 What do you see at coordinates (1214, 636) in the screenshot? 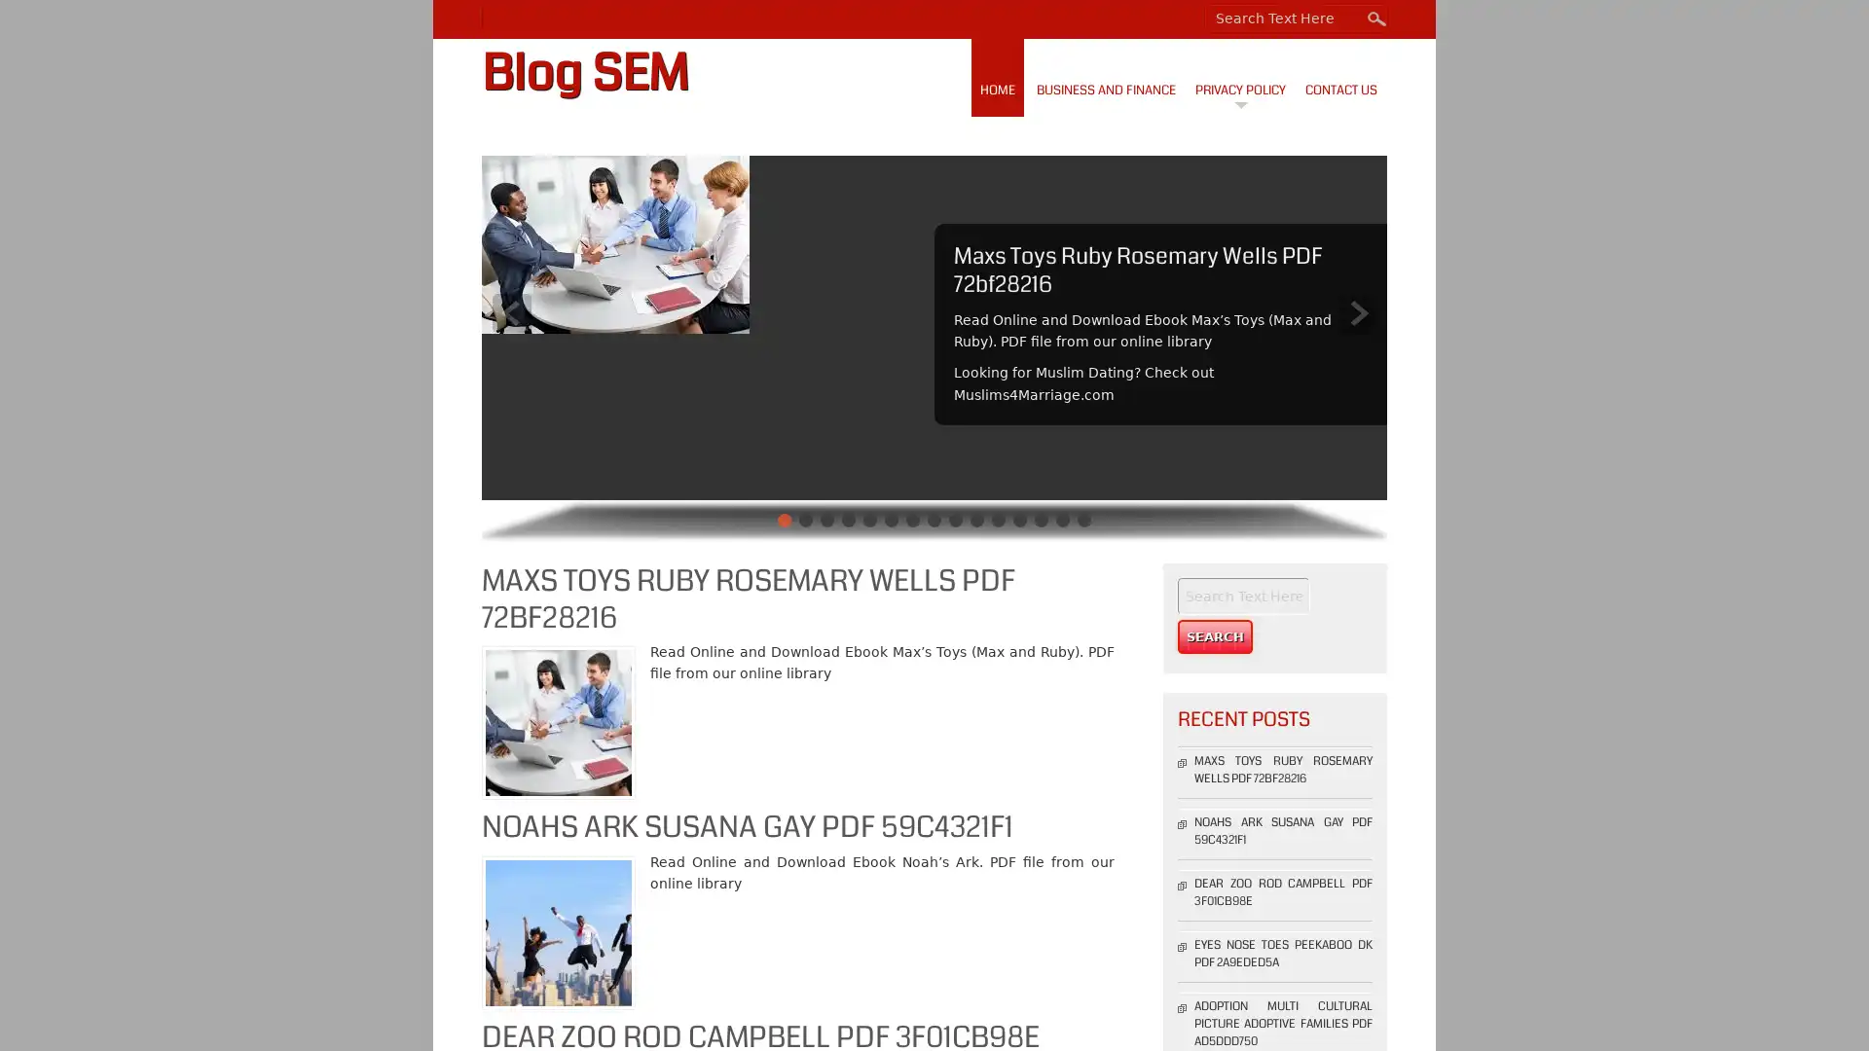
I see `Search` at bounding box center [1214, 636].